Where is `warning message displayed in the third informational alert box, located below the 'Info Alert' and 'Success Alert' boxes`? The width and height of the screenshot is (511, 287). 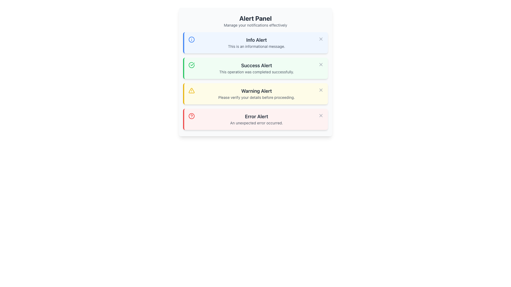
warning message displayed in the third informational alert box, located below the 'Info Alert' and 'Success Alert' boxes is located at coordinates (257, 94).